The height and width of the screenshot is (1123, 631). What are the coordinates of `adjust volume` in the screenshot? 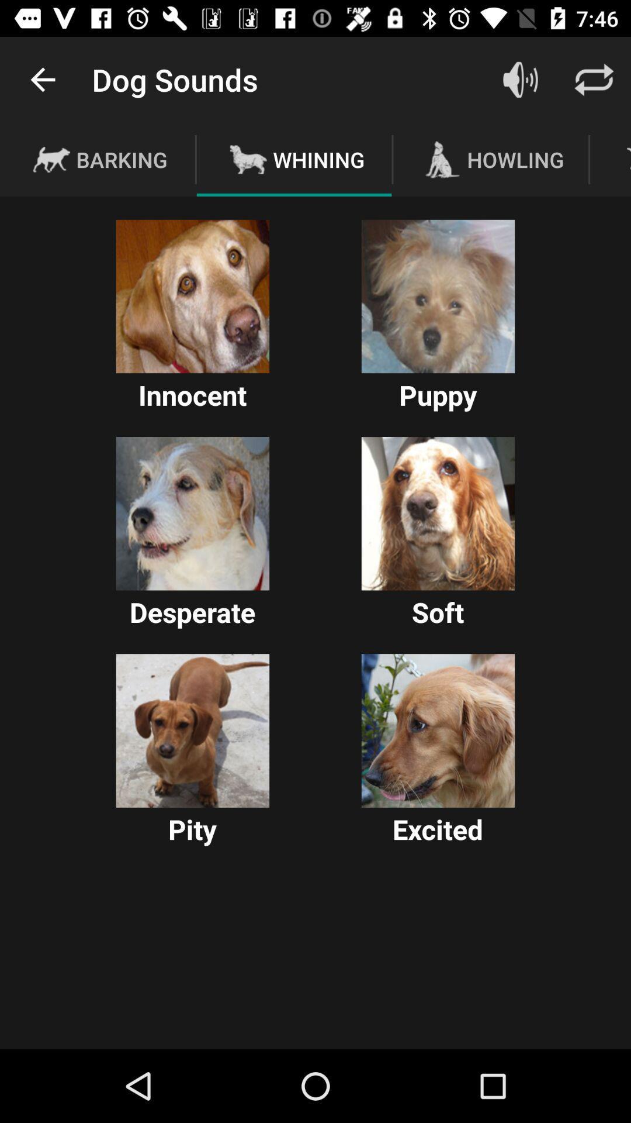 It's located at (520, 79).